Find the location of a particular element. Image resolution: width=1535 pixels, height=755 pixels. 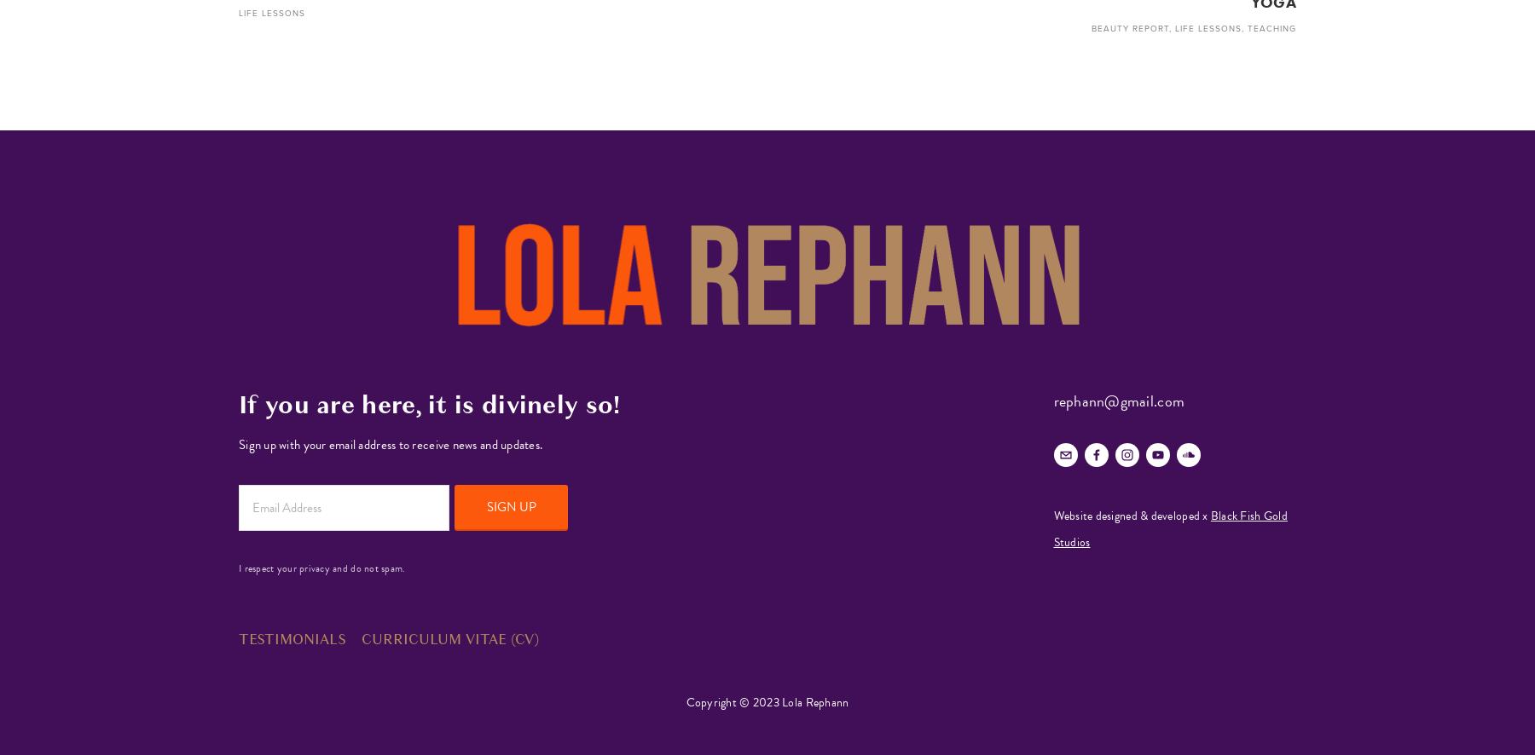

'I respect your privacy and do not spam.' is located at coordinates (321, 567).